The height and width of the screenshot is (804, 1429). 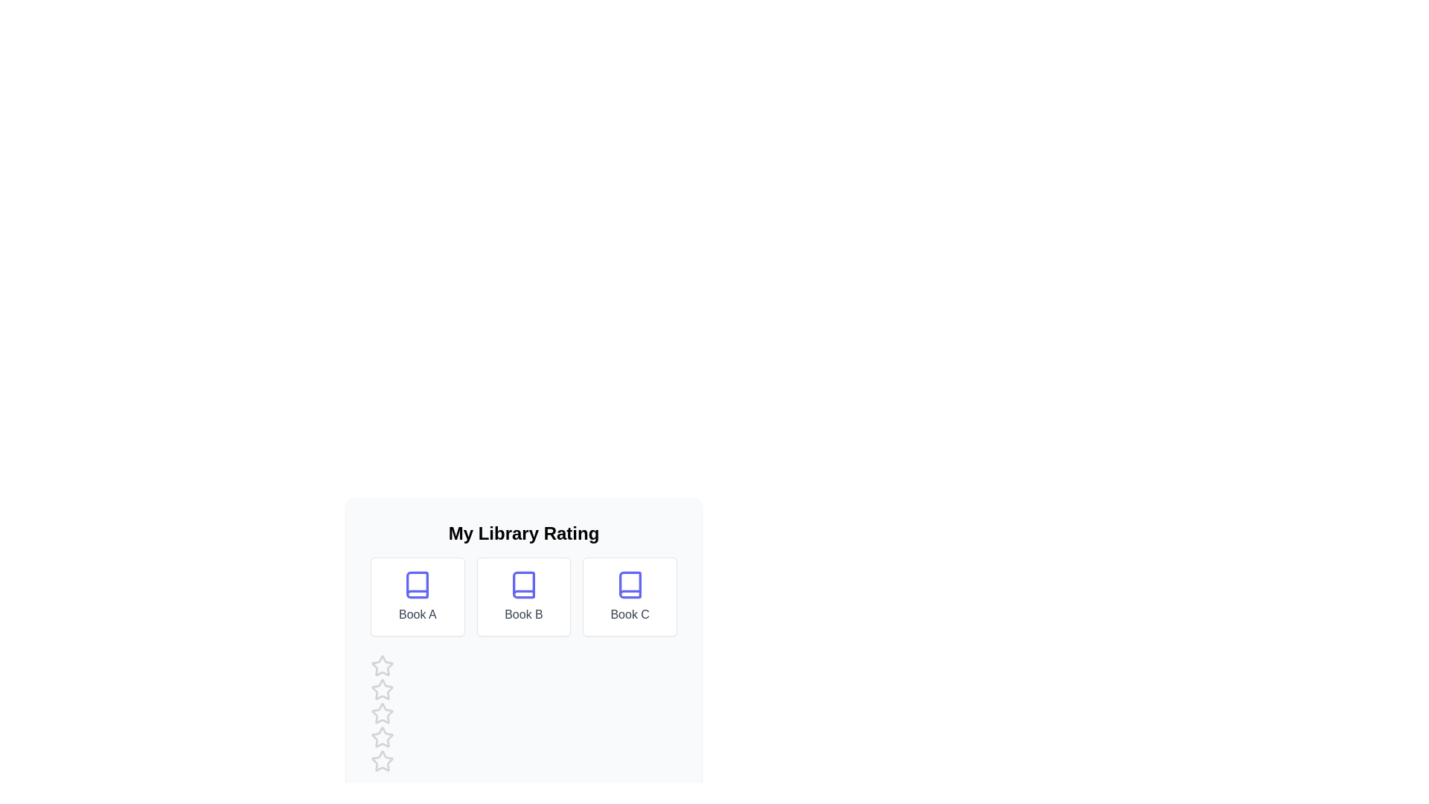 I want to click on the book name Book B to select the text, so click(x=524, y=614).